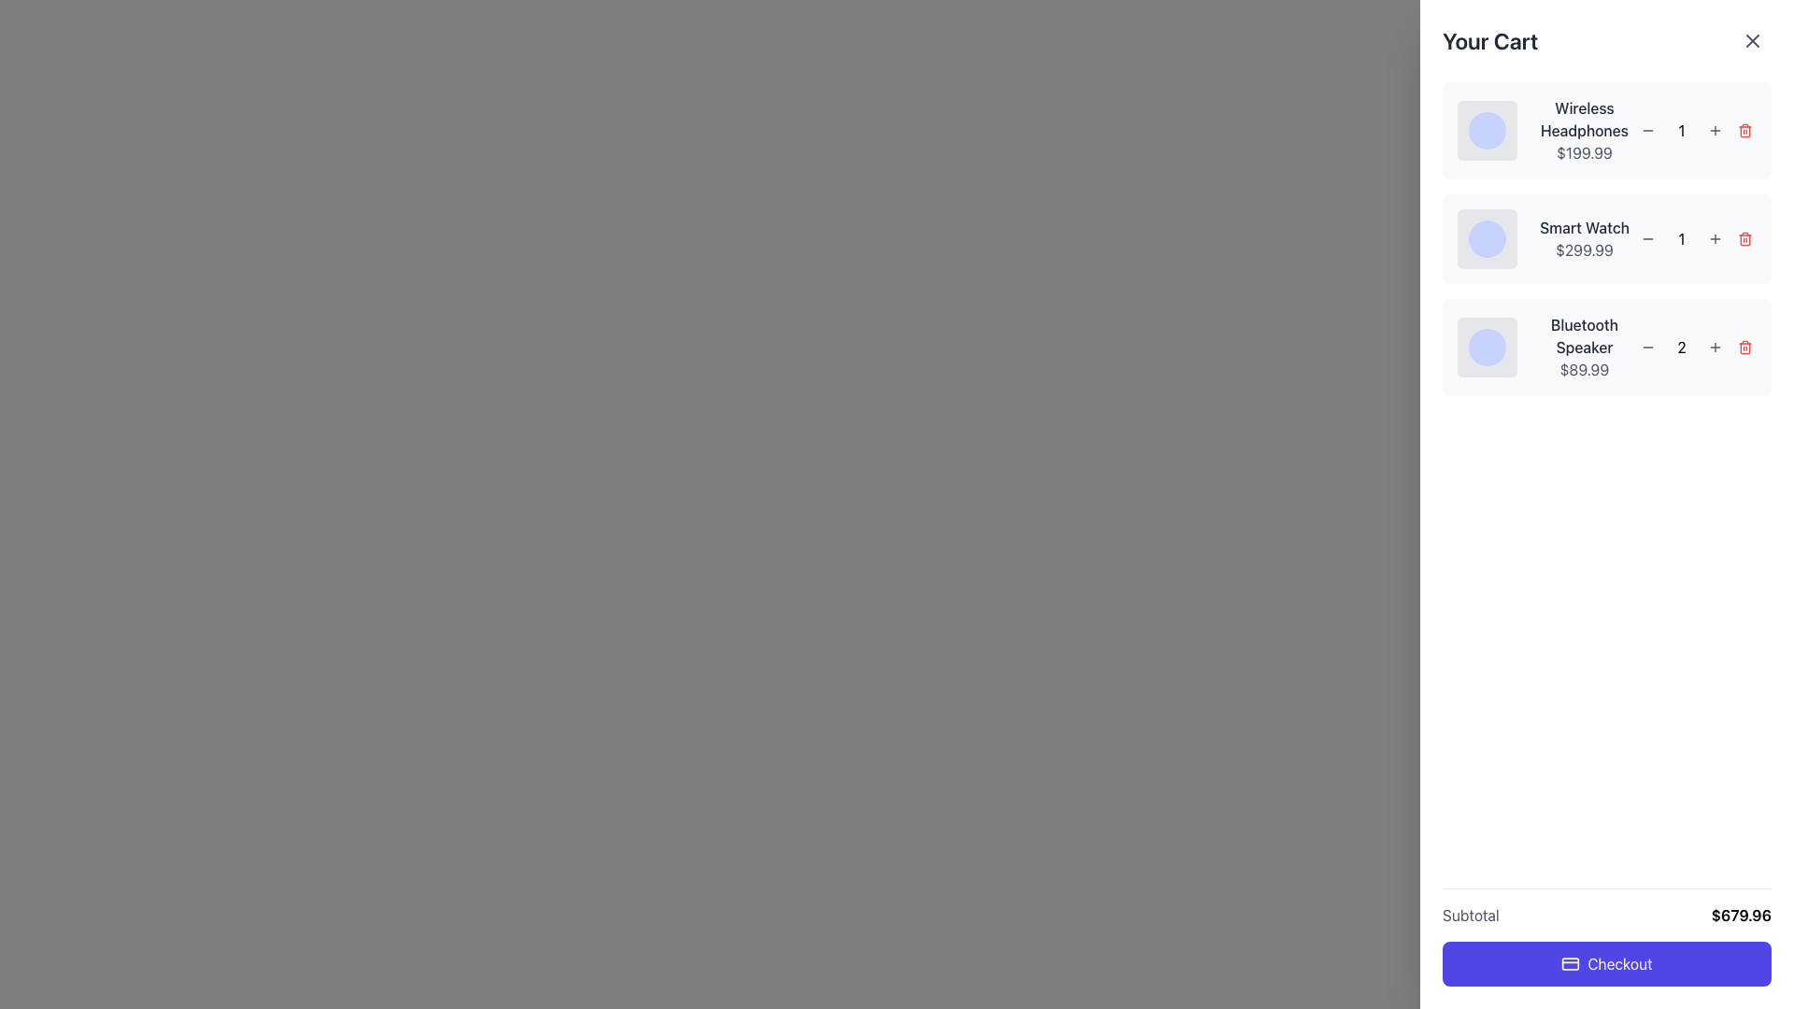 The width and height of the screenshot is (1794, 1009). What do you see at coordinates (1716, 129) in the screenshot?
I see `the '+' button located immediately to the right of the quantity value to increment the quantity of the corresponding cart item` at bounding box center [1716, 129].